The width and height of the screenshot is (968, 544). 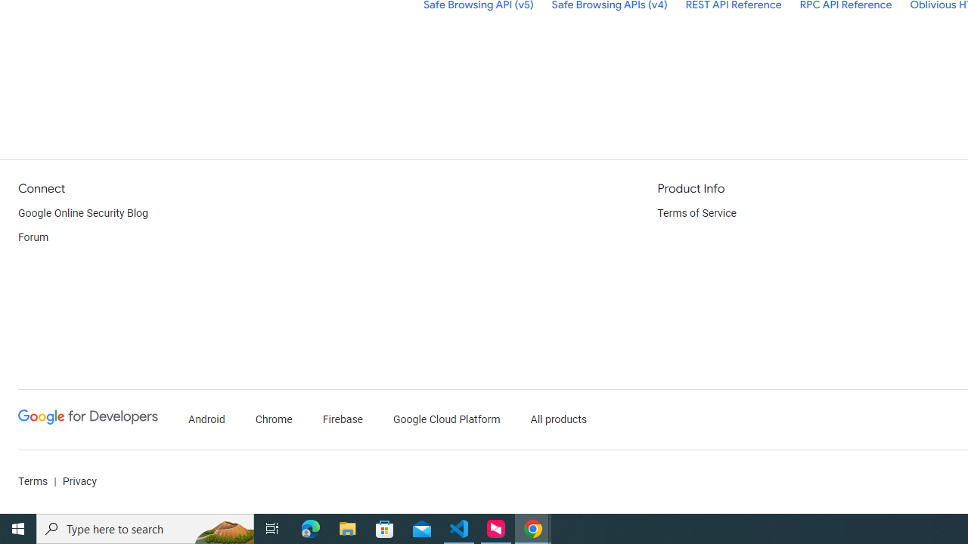 I want to click on 'Terms of Service', so click(x=696, y=213).